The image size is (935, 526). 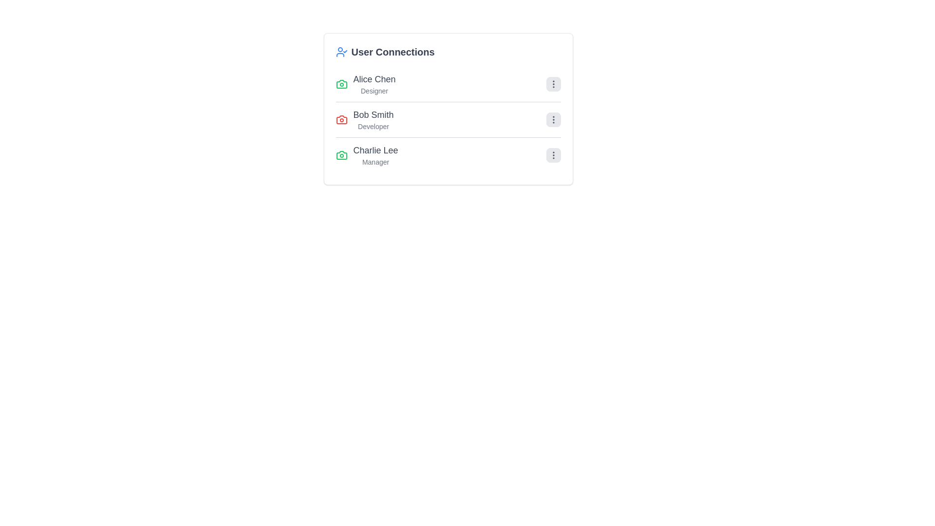 I want to click on the first List item displaying user information for 'Alice Chen' with the role 'Designer' in the User Connections area, so click(x=365, y=84).